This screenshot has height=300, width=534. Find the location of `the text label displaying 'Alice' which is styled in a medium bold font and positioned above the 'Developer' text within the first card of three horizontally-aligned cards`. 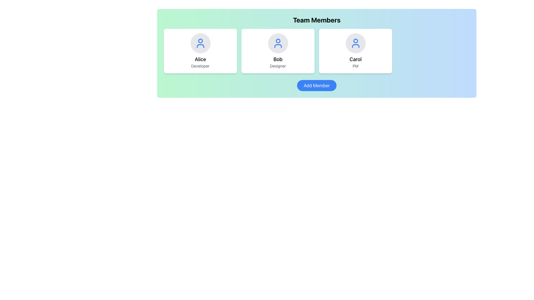

the text label displaying 'Alice' which is styled in a medium bold font and positioned above the 'Developer' text within the first card of three horizontally-aligned cards is located at coordinates (200, 59).